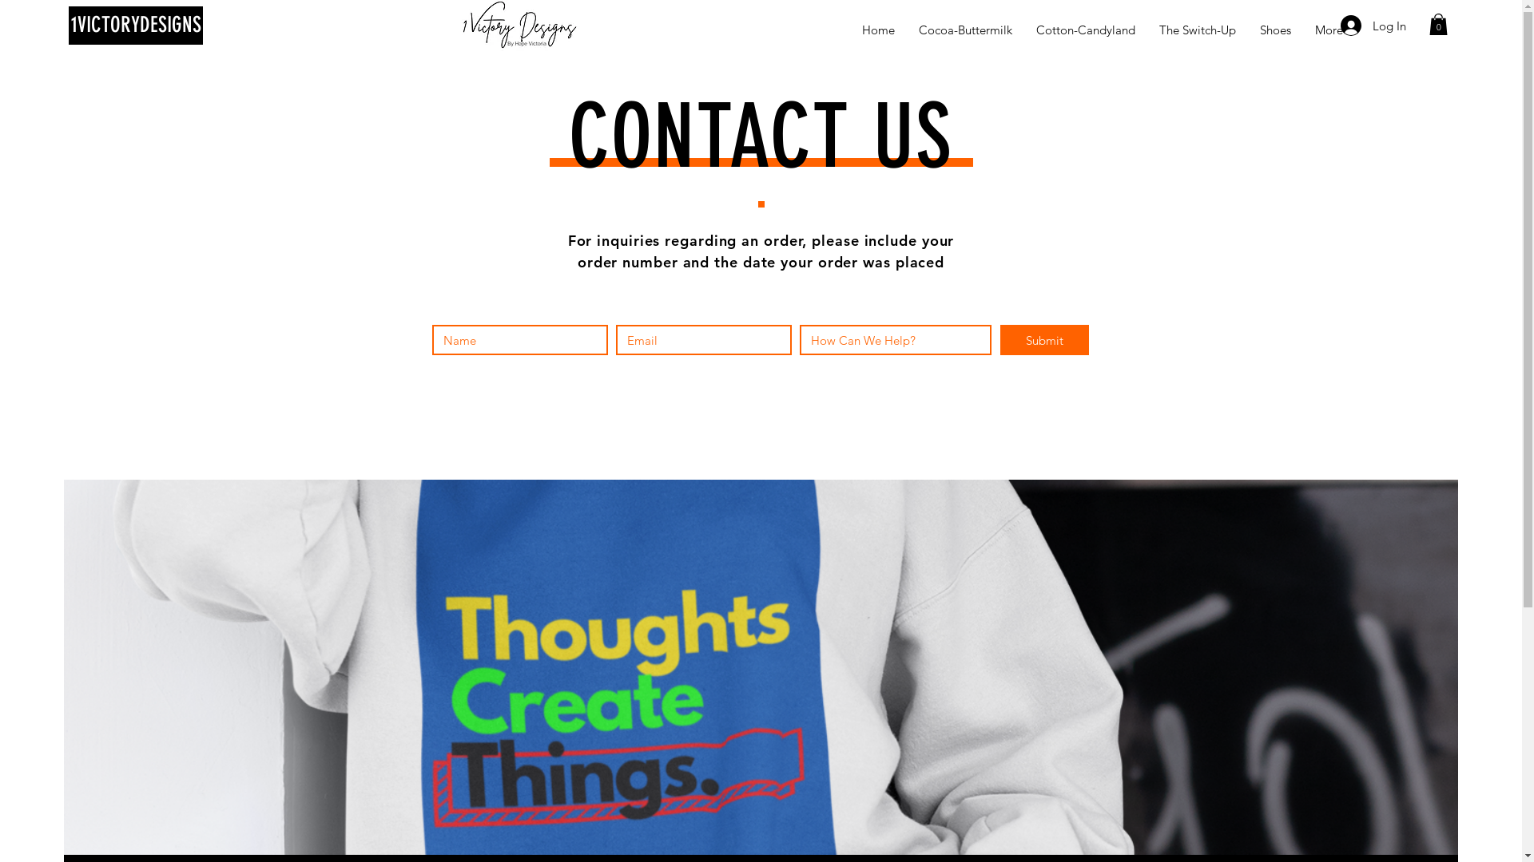  What do you see at coordinates (1044, 338) in the screenshot?
I see `'Submit'` at bounding box center [1044, 338].